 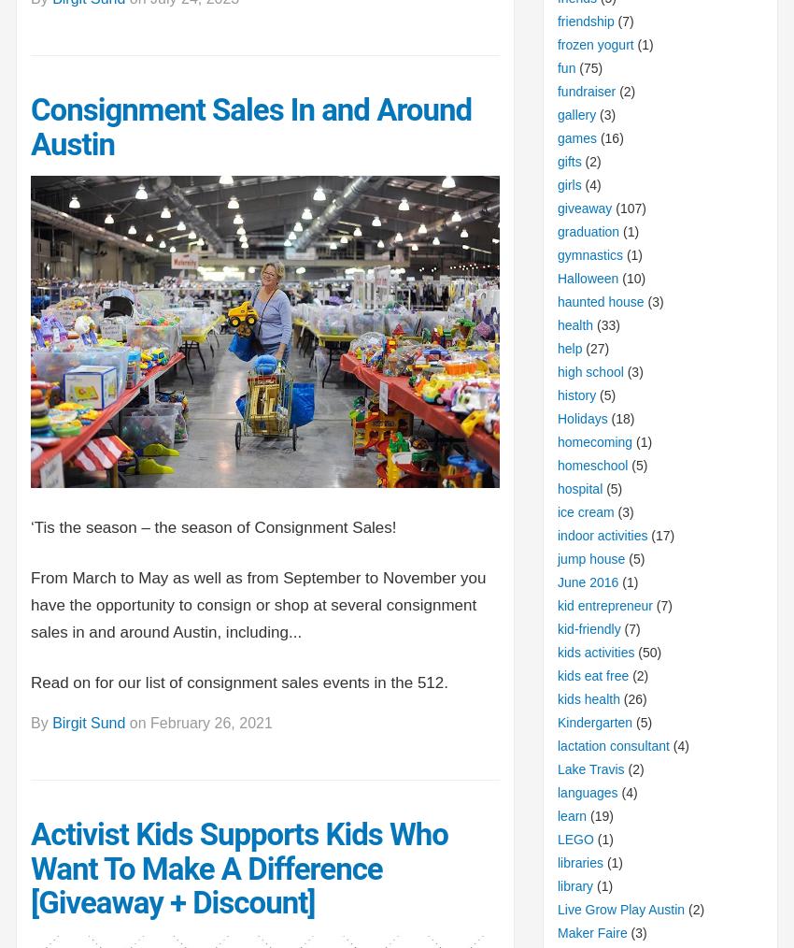 What do you see at coordinates (591, 673) in the screenshot?
I see `'kids eat free'` at bounding box center [591, 673].